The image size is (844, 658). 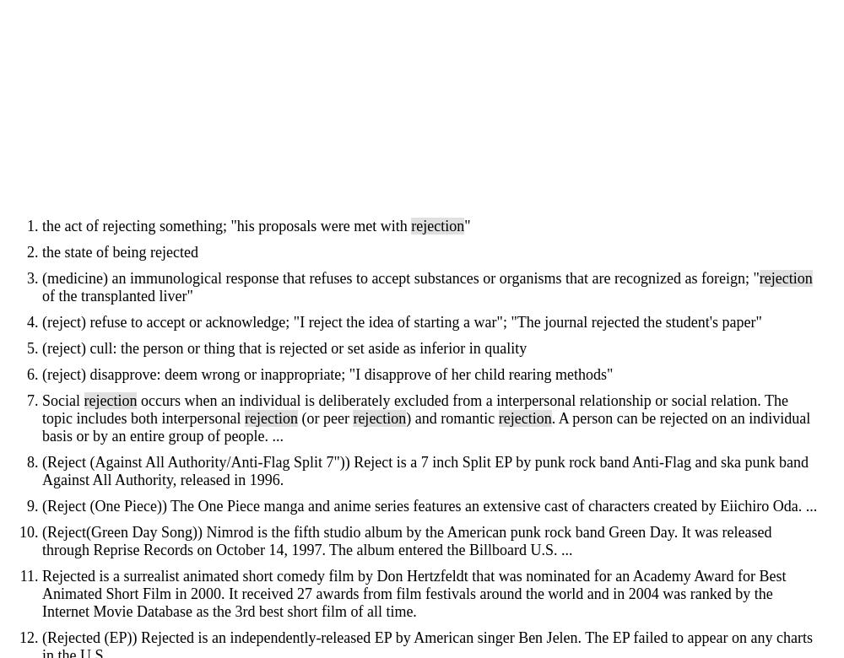 I want to click on 'Social', so click(x=62, y=401).